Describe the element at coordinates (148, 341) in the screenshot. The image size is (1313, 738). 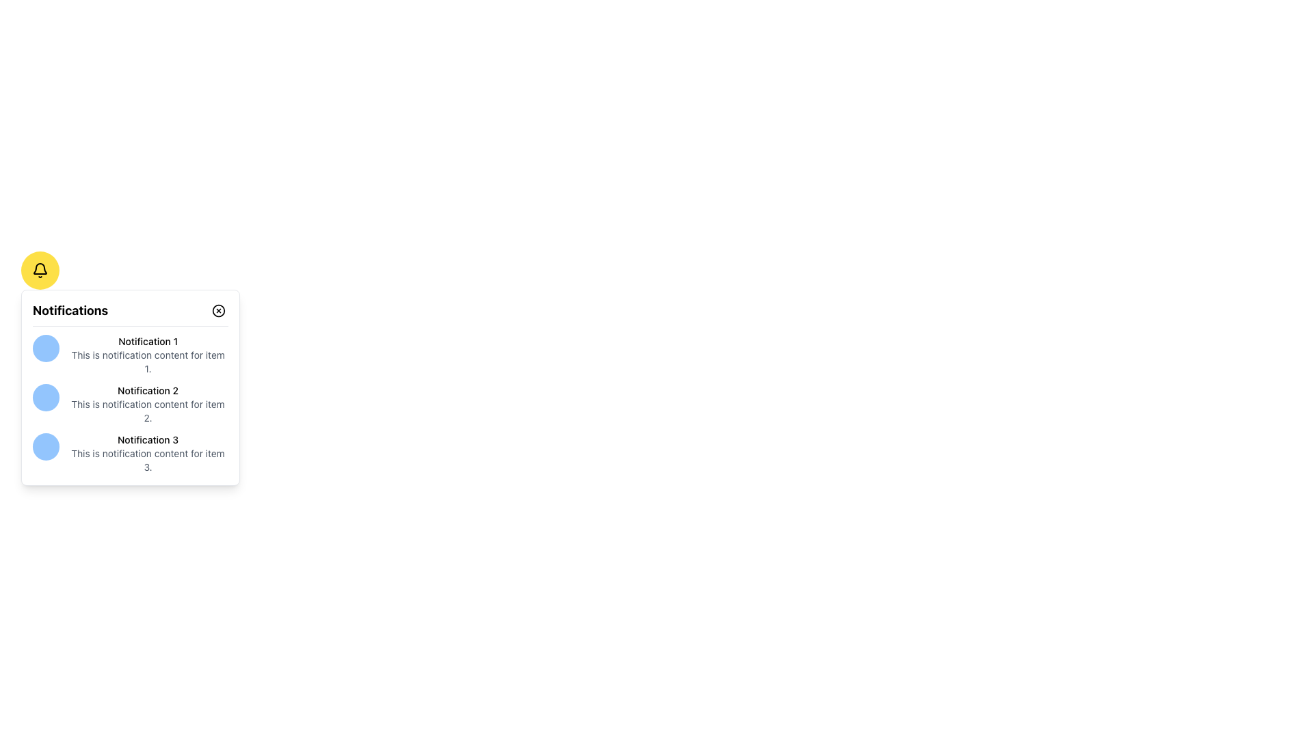
I see `the Text Label that serves as the title for the associated notification, located above another text element under the title 'Notifications' and adjacent to a circular icon` at that location.